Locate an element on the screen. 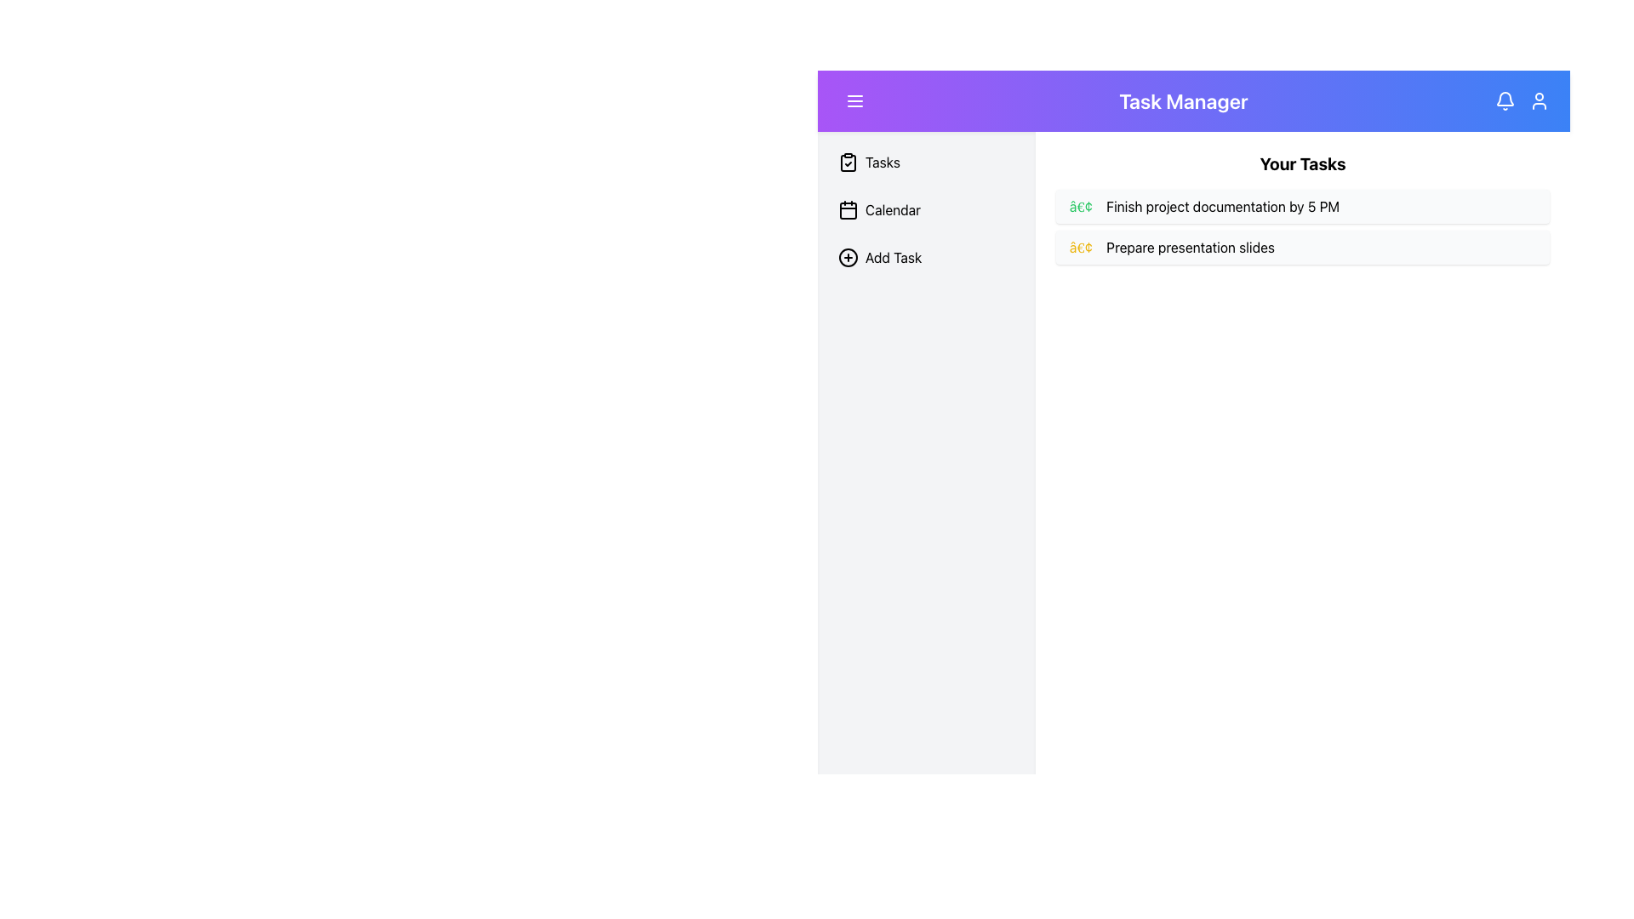 This screenshot has height=919, width=1634. the 'Calendar' button located below the 'Tasks' list item and above the 'Add Task' list item is located at coordinates (878, 208).